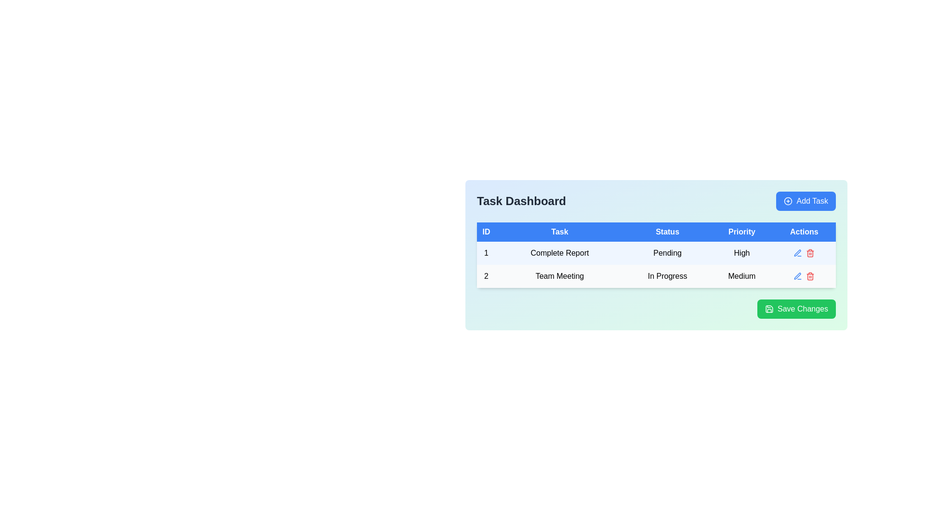  I want to click on the delete button located as the second icon in the 'Actions' column of the second row of the table, so click(810, 276).